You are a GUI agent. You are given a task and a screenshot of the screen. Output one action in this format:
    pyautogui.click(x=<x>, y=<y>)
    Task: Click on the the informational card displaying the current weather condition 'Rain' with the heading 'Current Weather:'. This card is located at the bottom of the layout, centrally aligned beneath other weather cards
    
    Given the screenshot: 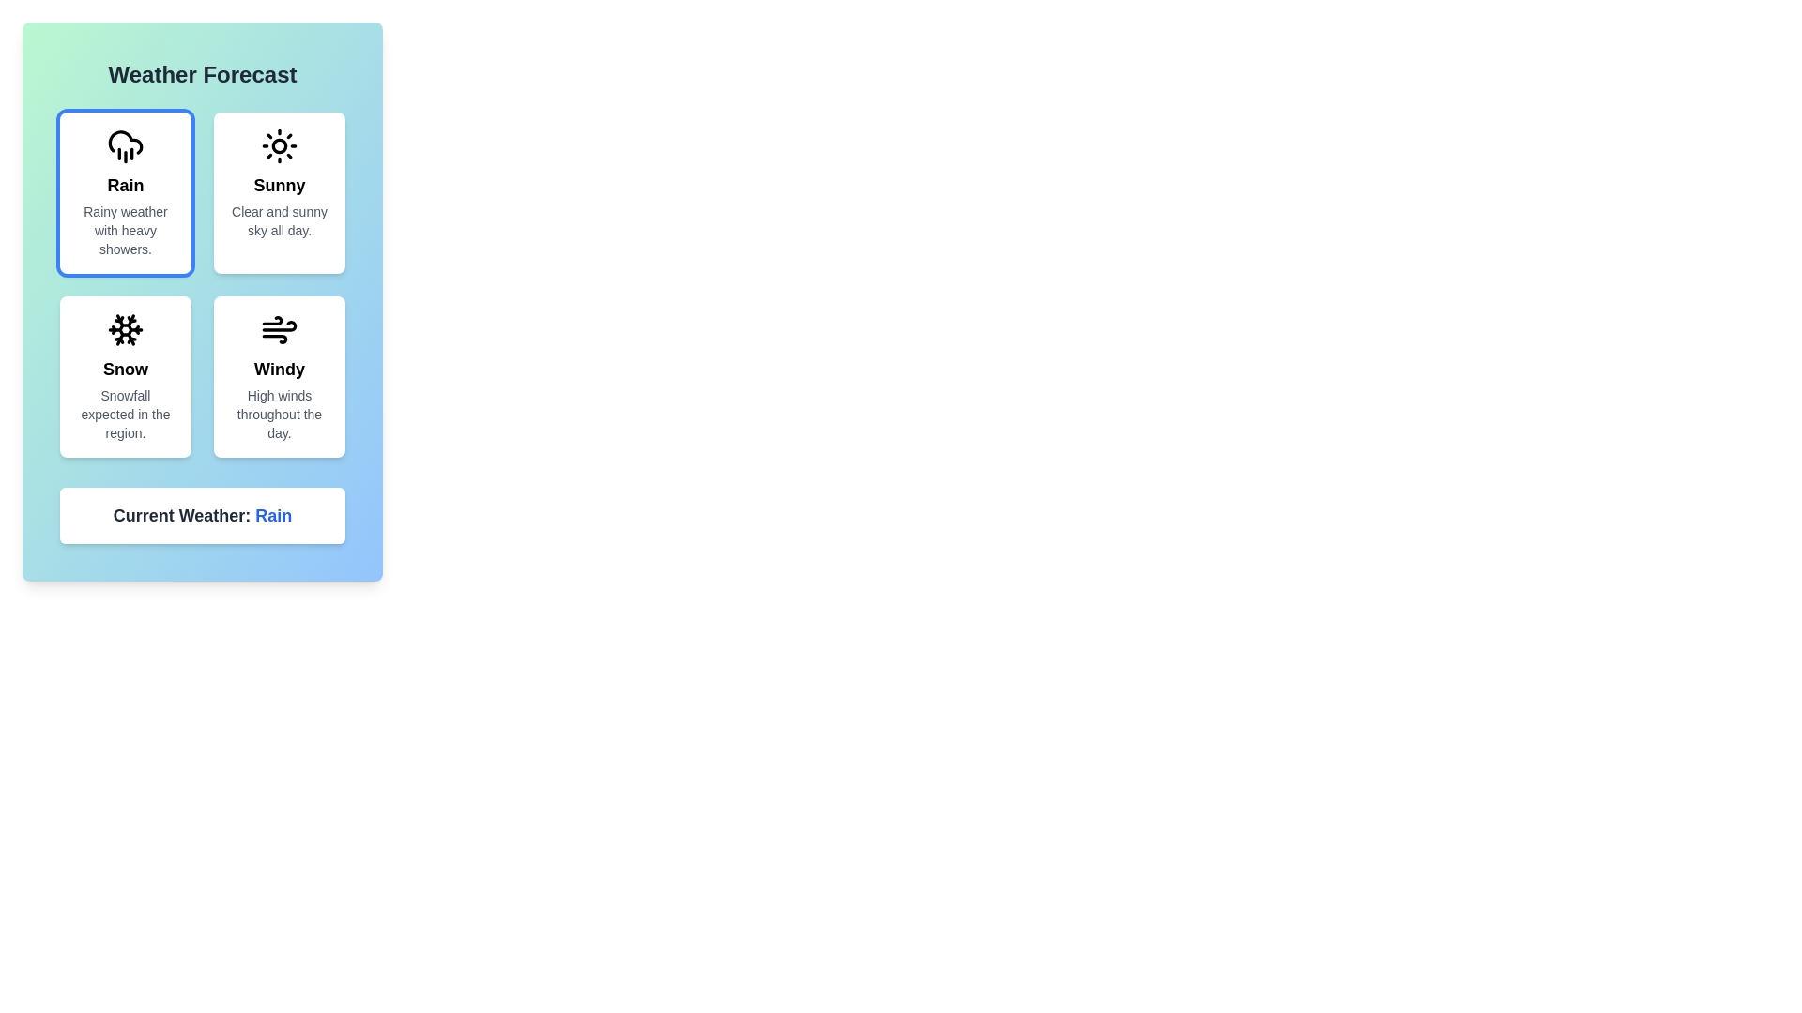 What is the action you would take?
    pyautogui.click(x=203, y=516)
    